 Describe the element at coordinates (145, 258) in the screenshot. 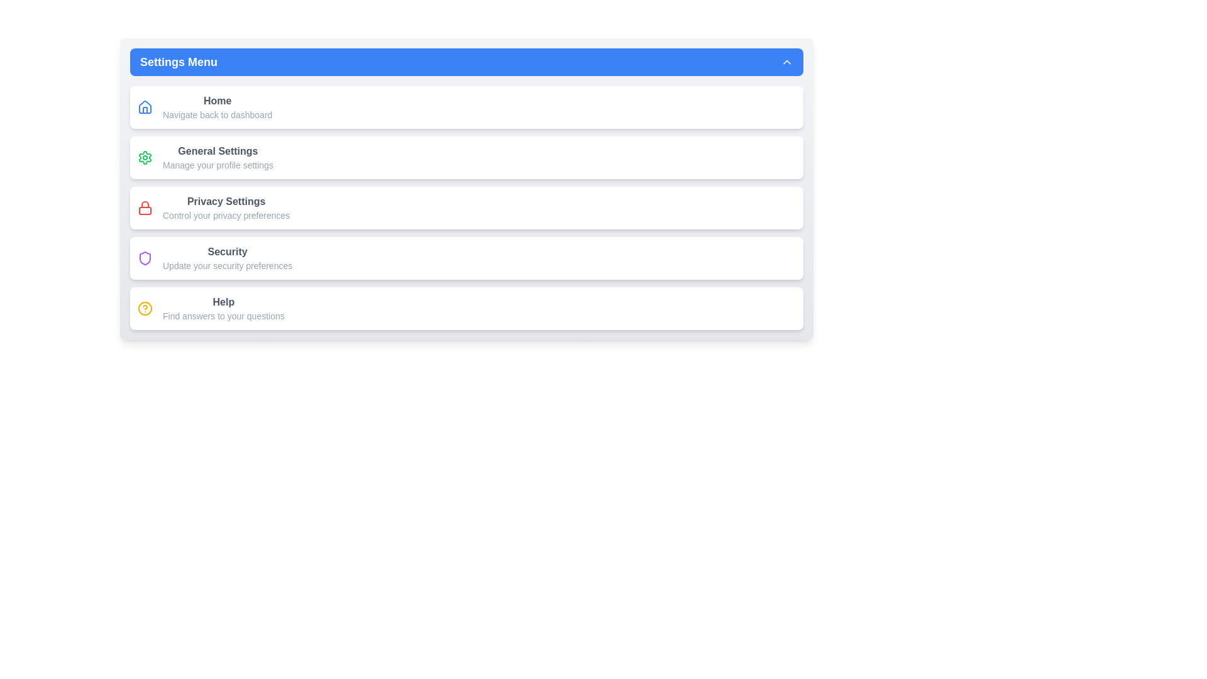

I see `the 'Security' menu icon located in the fifth row of the vertical menu, which is to the left of the text 'Update your security preferences'` at that location.